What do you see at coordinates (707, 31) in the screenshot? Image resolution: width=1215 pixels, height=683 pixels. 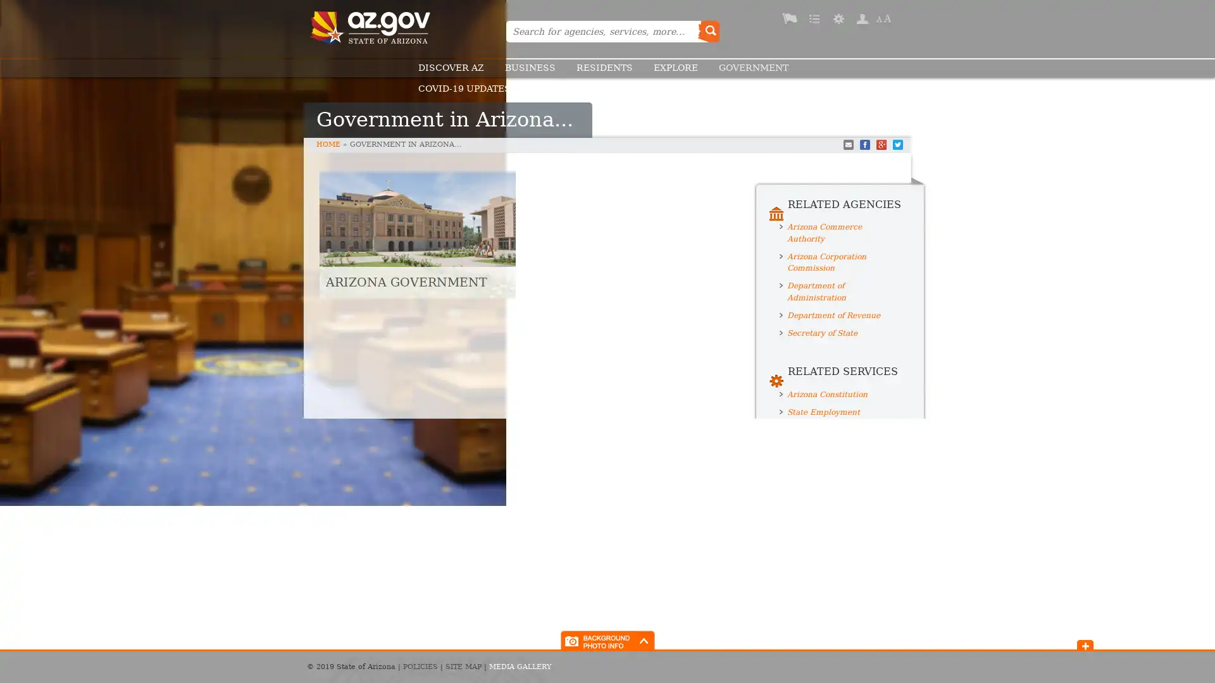 I see `Search` at bounding box center [707, 31].